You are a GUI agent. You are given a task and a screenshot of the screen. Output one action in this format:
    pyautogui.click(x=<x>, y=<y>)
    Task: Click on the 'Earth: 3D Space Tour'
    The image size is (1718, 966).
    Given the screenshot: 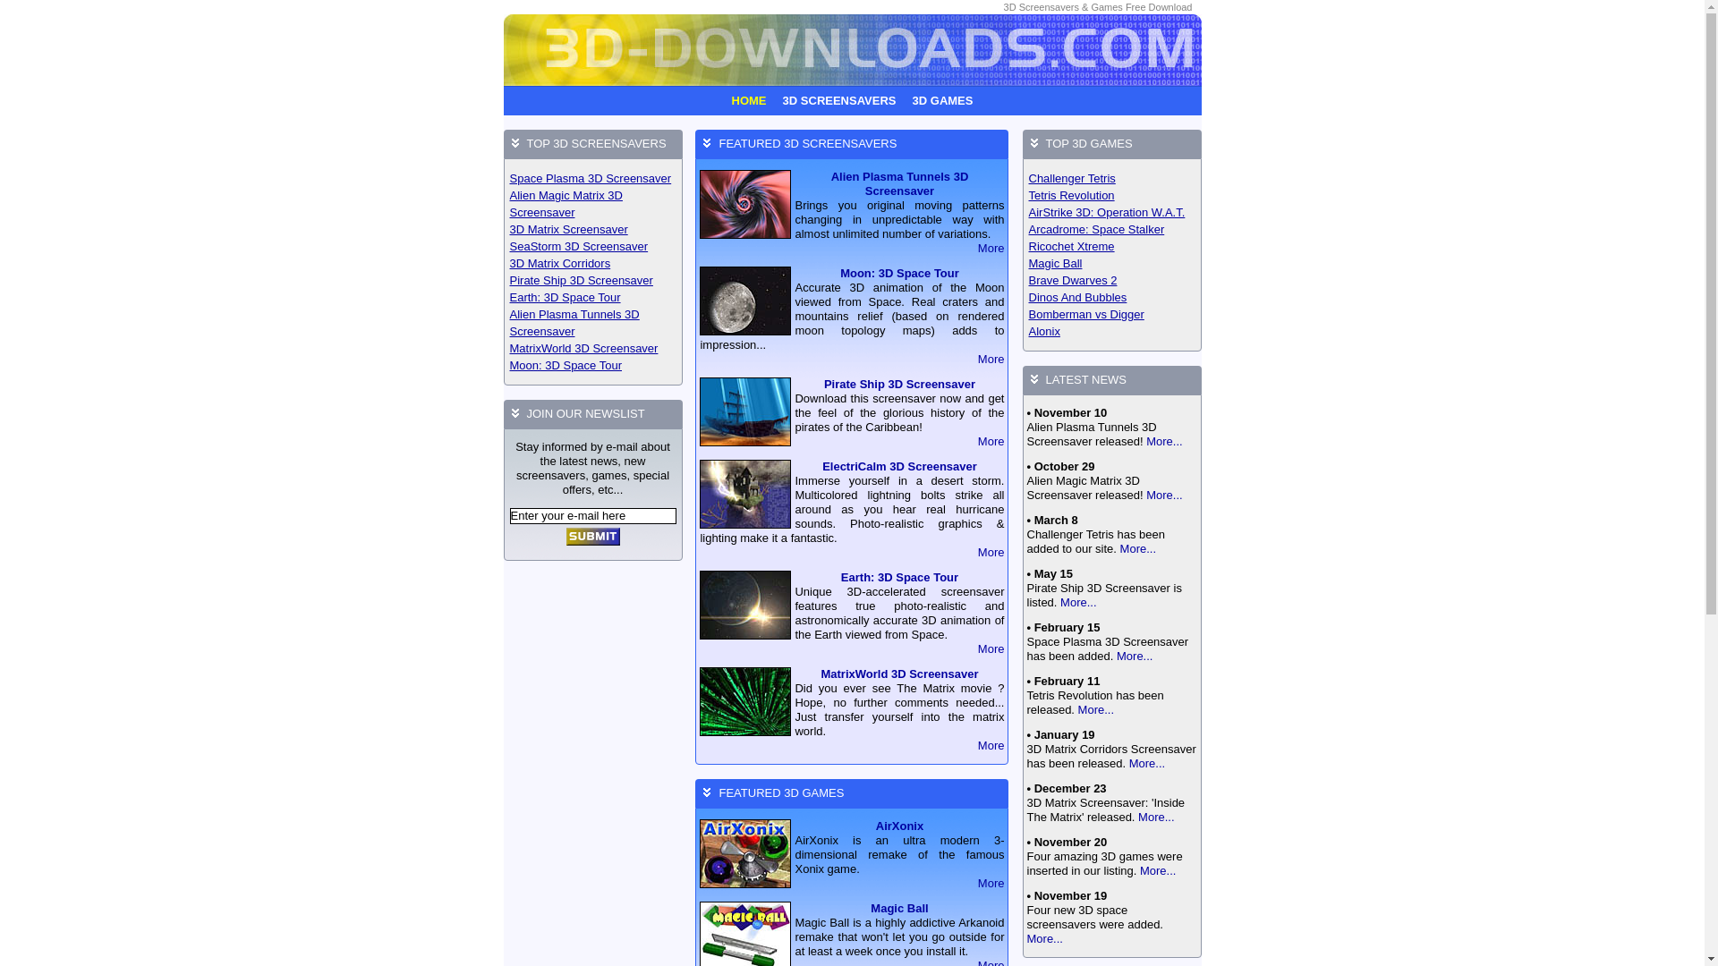 What is the action you would take?
    pyautogui.click(x=593, y=296)
    